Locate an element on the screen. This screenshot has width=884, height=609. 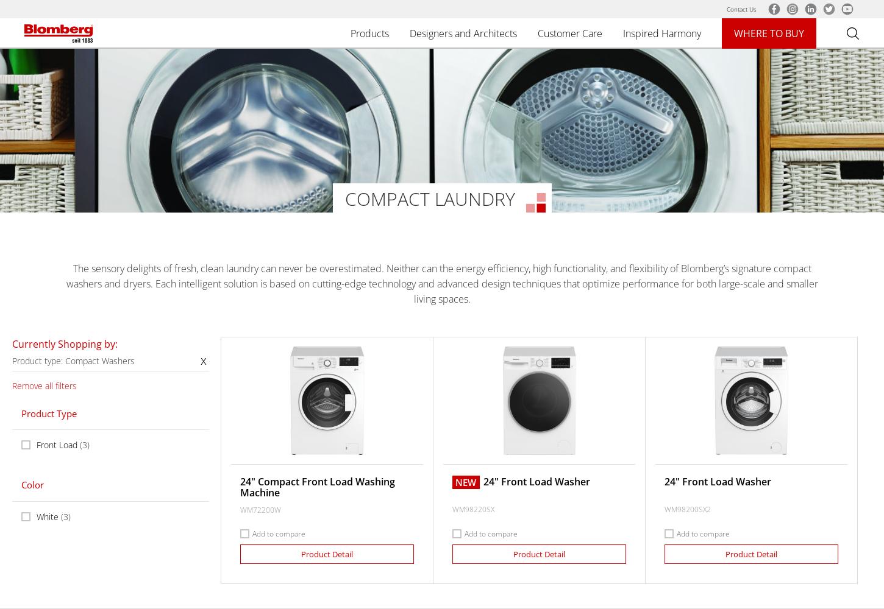
'Color' is located at coordinates (32, 485).